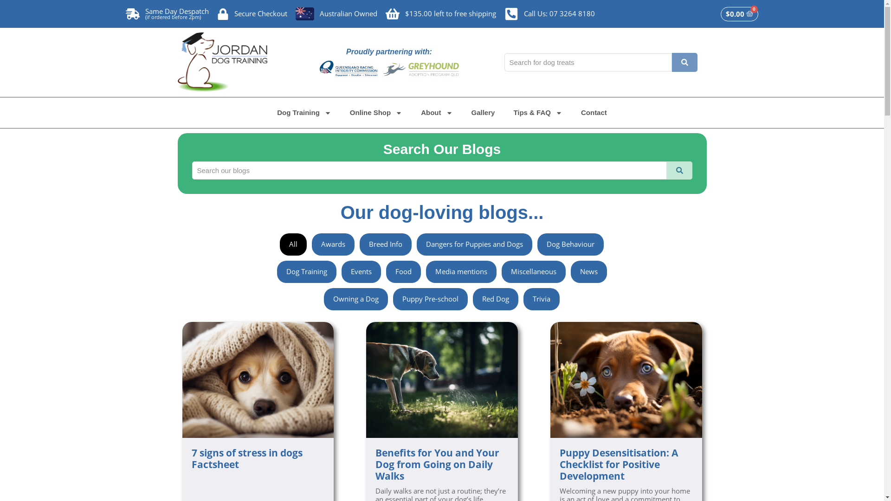 This screenshot has width=891, height=501. I want to click on 'Call Us: 07 3264 8180', so click(549, 14).